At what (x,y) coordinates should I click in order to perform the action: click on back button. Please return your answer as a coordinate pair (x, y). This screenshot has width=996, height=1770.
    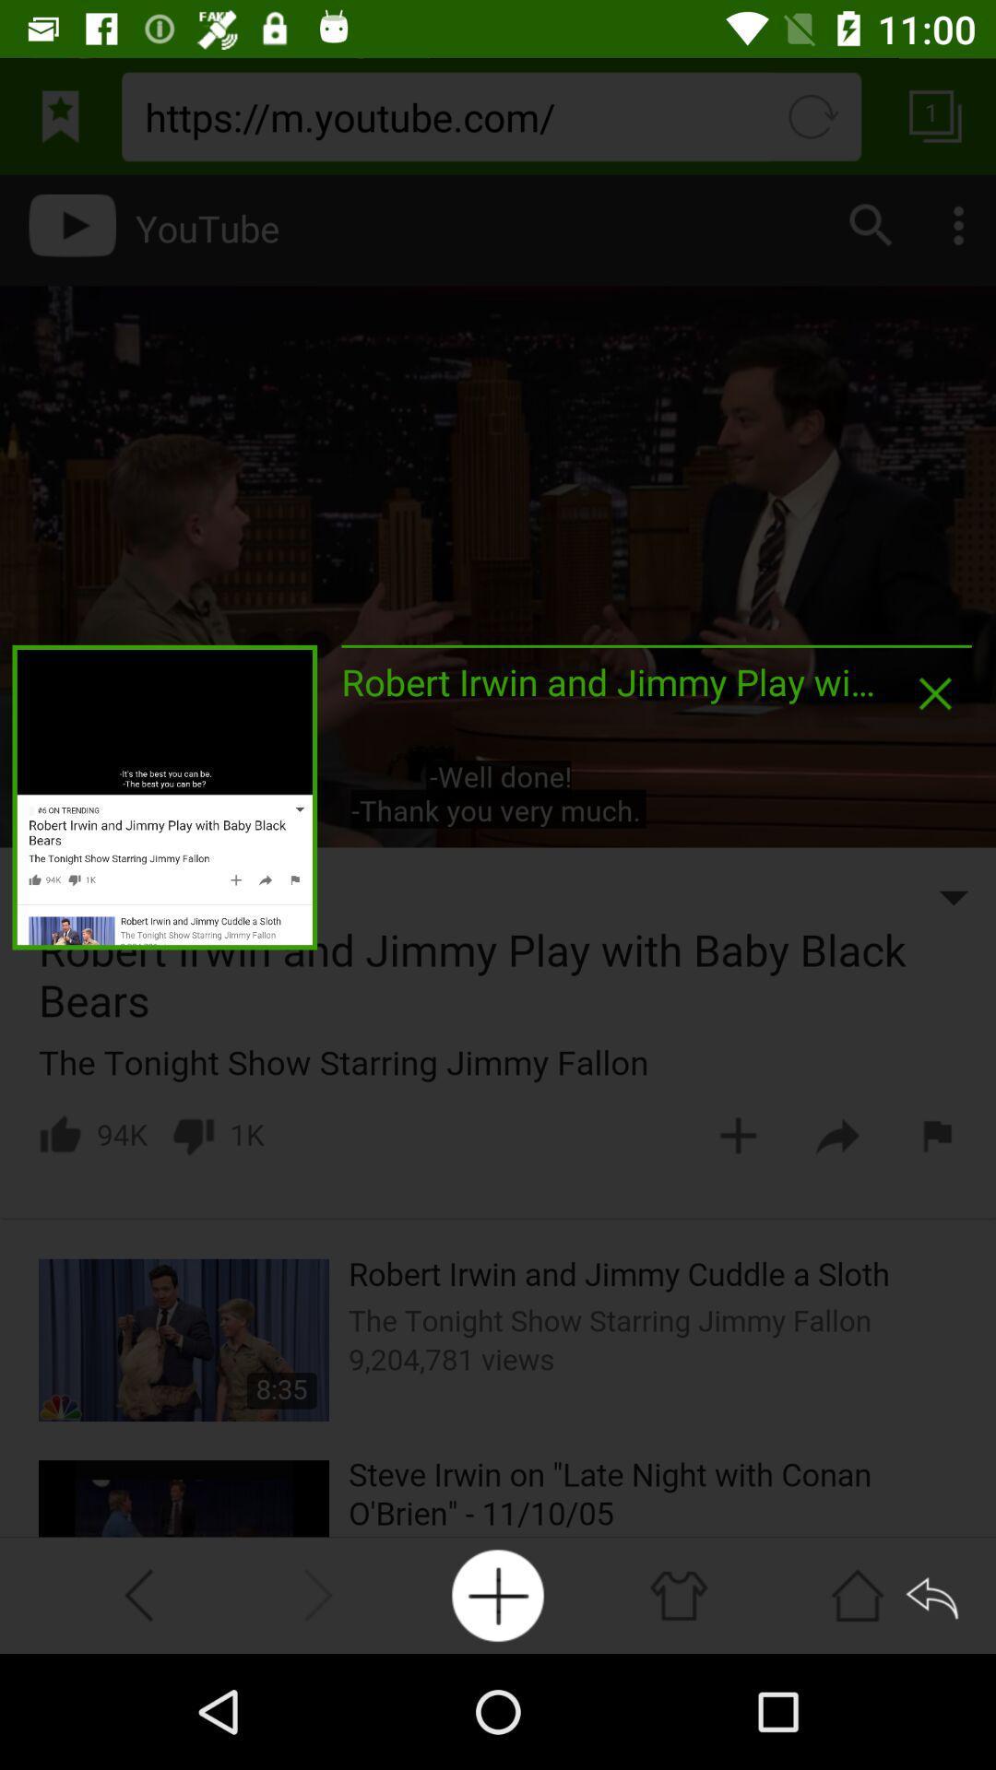
    Looking at the image, I should click on (935, 1594).